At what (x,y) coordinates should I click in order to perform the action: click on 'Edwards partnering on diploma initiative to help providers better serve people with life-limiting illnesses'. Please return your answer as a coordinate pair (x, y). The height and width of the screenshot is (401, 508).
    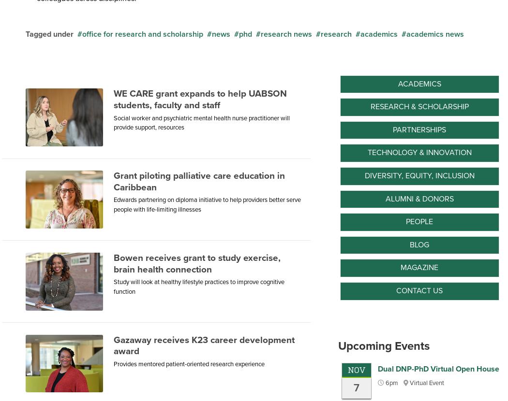
    Looking at the image, I should click on (207, 204).